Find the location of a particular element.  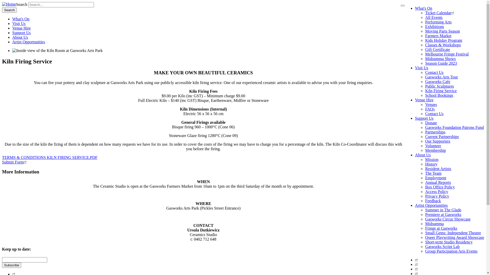

'Group Participation Arts Events' is located at coordinates (425, 251).